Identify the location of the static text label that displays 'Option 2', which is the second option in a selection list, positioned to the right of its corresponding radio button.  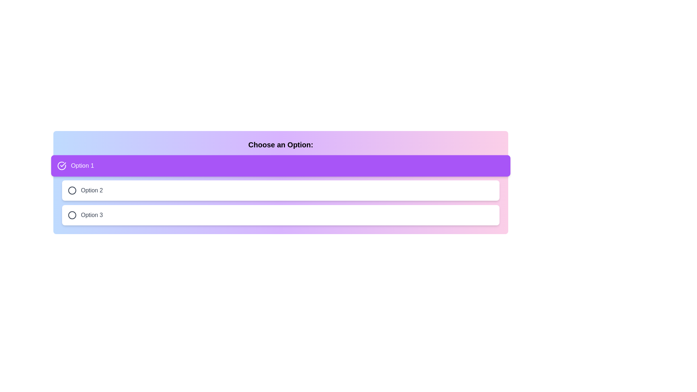
(91, 190).